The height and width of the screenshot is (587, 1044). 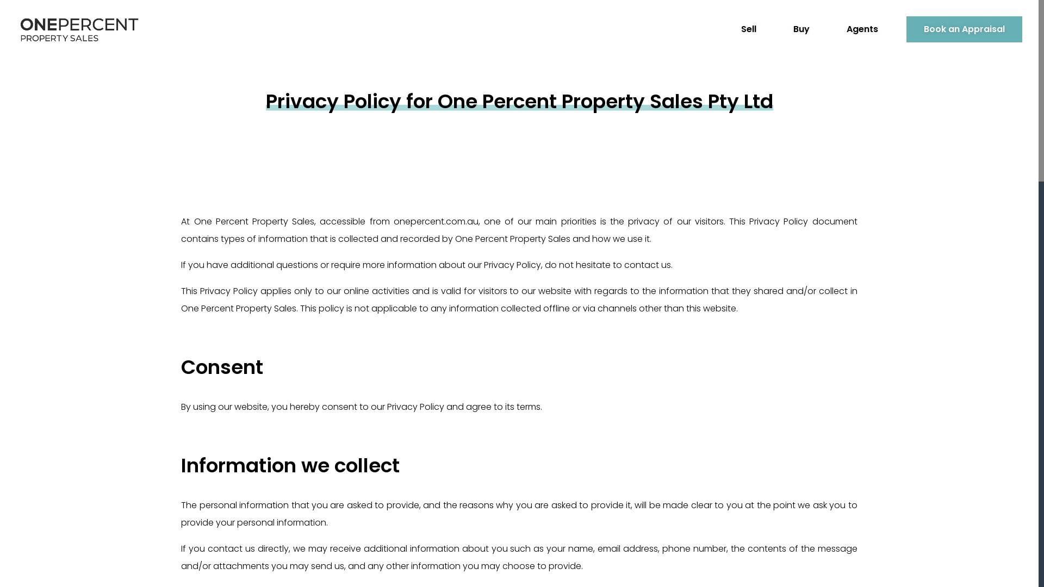 What do you see at coordinates (775, 28) in the screenshot?
I see `'Buy'` at bounding box center [775, 28].